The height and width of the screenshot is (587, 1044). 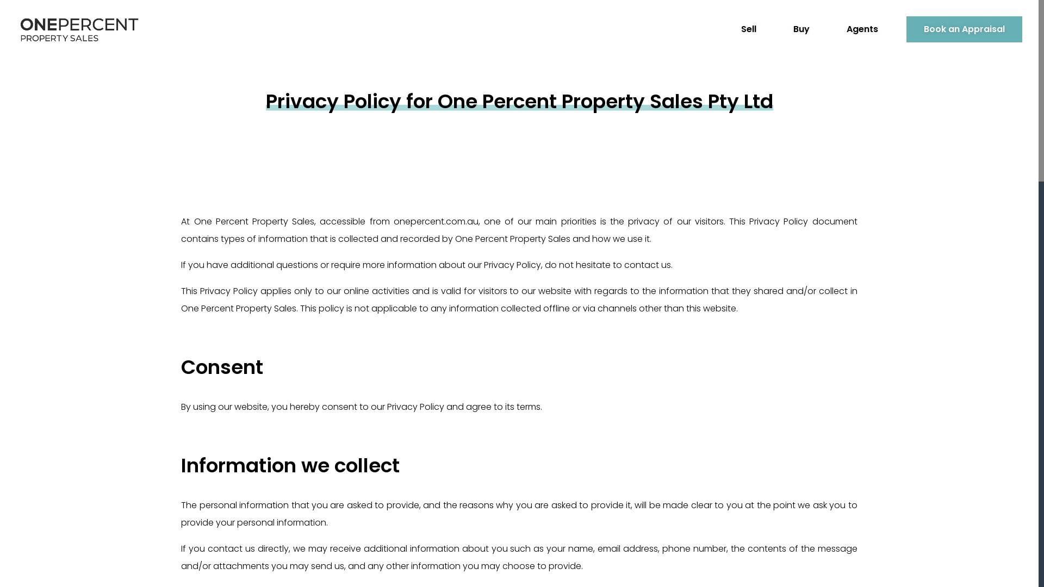 What do you see at coordinates (775, 28) in the screenshot?
I see `'Buy'` at bounding box center [775, 28].